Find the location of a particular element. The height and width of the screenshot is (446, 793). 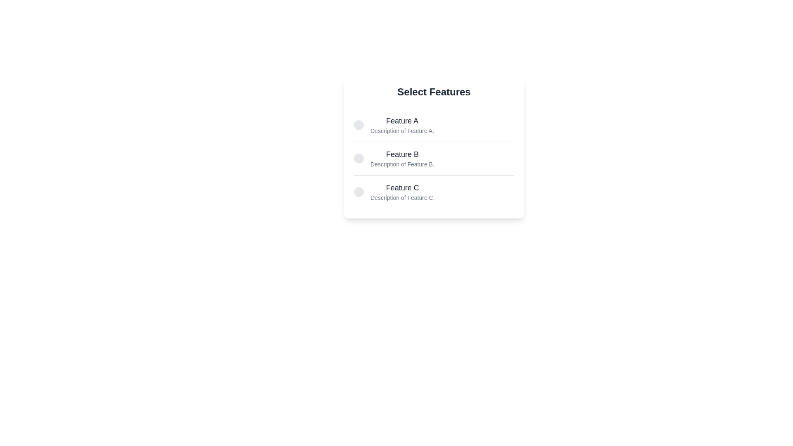

the second list item labeled 'Feature B' which contains textual information and an icon, located between 'Feature A' and 'Feature C' is located at coordinates (394, 159).